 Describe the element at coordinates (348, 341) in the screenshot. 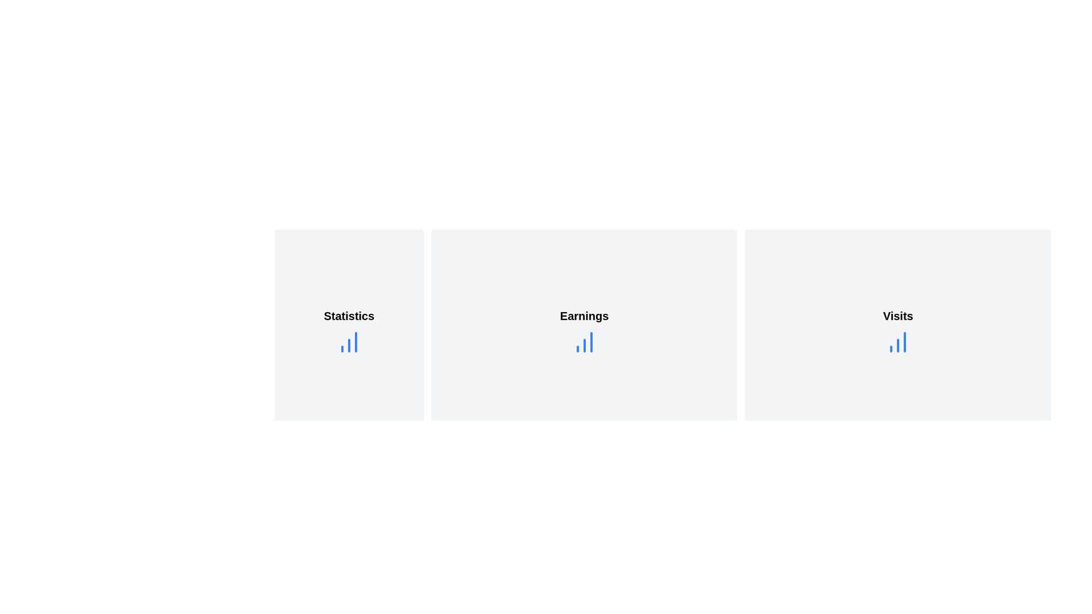

I see `the blue bar chart icon located below the 'Statistics' text in the top-left card of the 'Statistics' section` at that location.